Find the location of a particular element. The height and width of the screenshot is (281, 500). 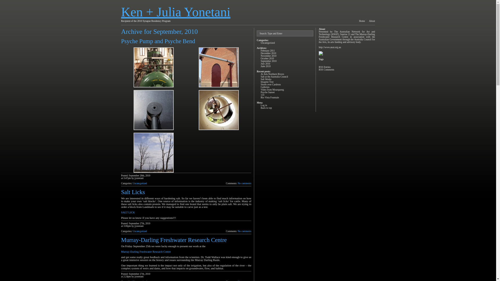

'At Arts Northern Rivers' is located at coordinates (261, 74).